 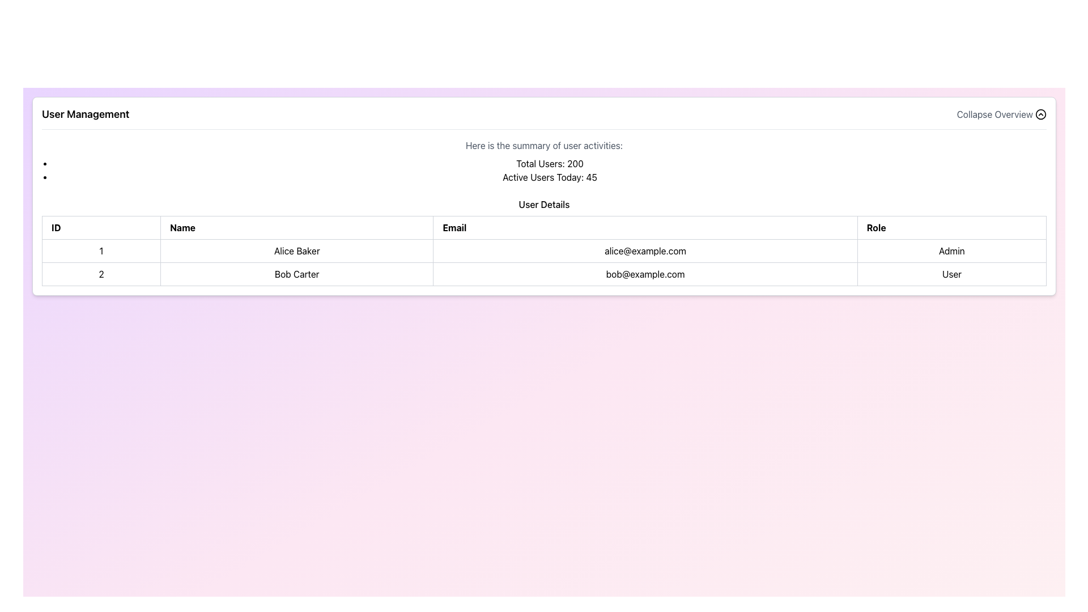 What do you see at coordinates (645, 250) in the screenshot?
I see `the text label displaying the email address of user 'Alice Baker' located in the third cell of the first row of the user data table` at bounding box center [645, 250].